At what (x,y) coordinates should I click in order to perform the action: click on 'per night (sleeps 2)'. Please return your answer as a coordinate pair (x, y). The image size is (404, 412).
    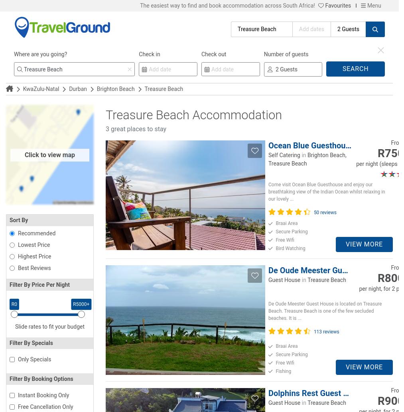
    Looking at the image, I should click on (380, 164).